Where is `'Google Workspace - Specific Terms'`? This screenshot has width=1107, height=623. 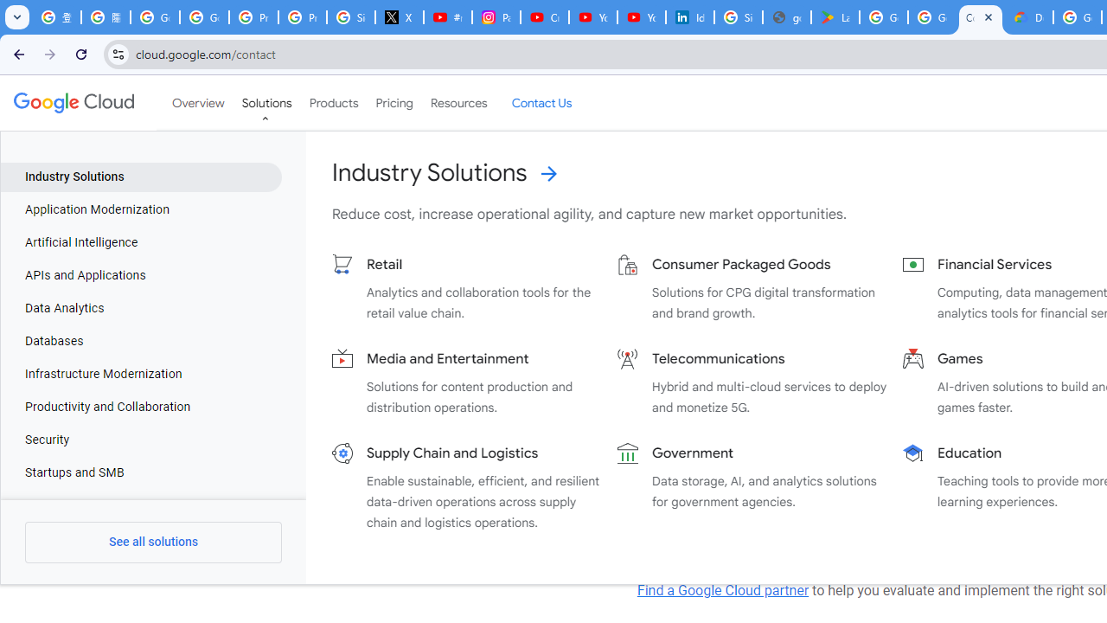
'Google Workspace - Specific Terms' is located at coordinates (931, 17).